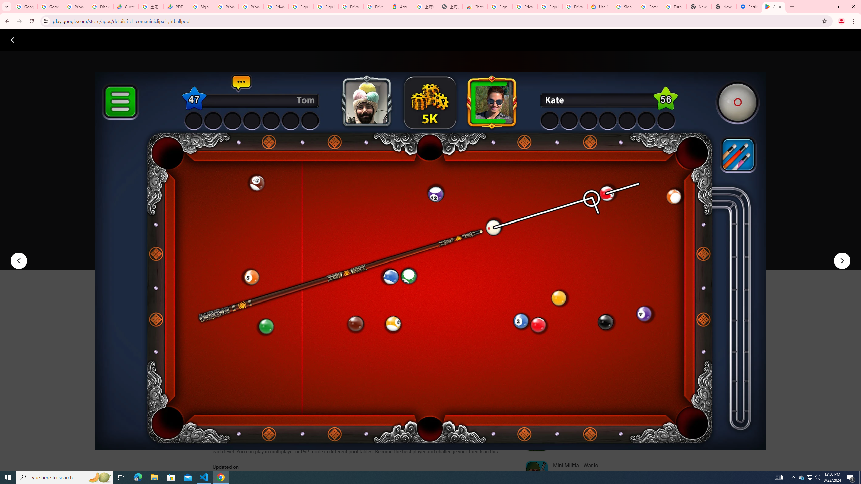 This screenshot has height=484, width=861. Describe the element at coordinates (674, 6) in the screenshot. I see `'Turn cookies on or off - Computer - Google Account Help'` at that location.